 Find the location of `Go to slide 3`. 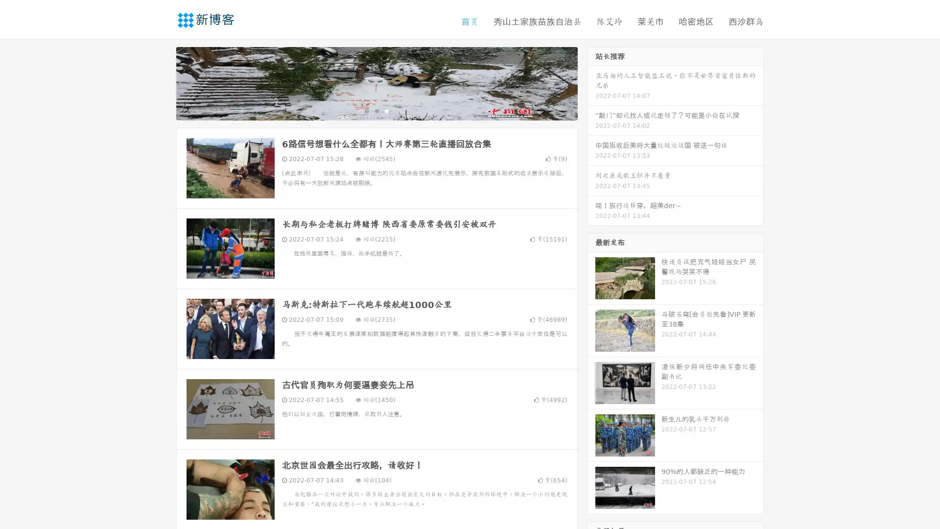

Go to slide 3 is located at coordinates (386, 110).